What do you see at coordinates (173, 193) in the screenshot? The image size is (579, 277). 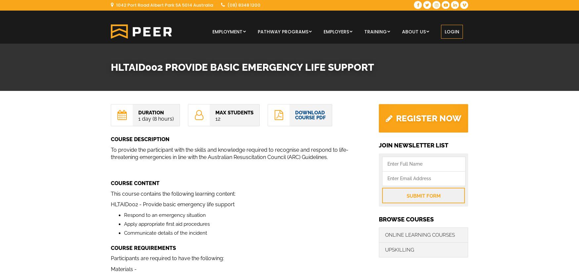 I see `'This course contains the following learning content:'` at bounding box center [173, 193].